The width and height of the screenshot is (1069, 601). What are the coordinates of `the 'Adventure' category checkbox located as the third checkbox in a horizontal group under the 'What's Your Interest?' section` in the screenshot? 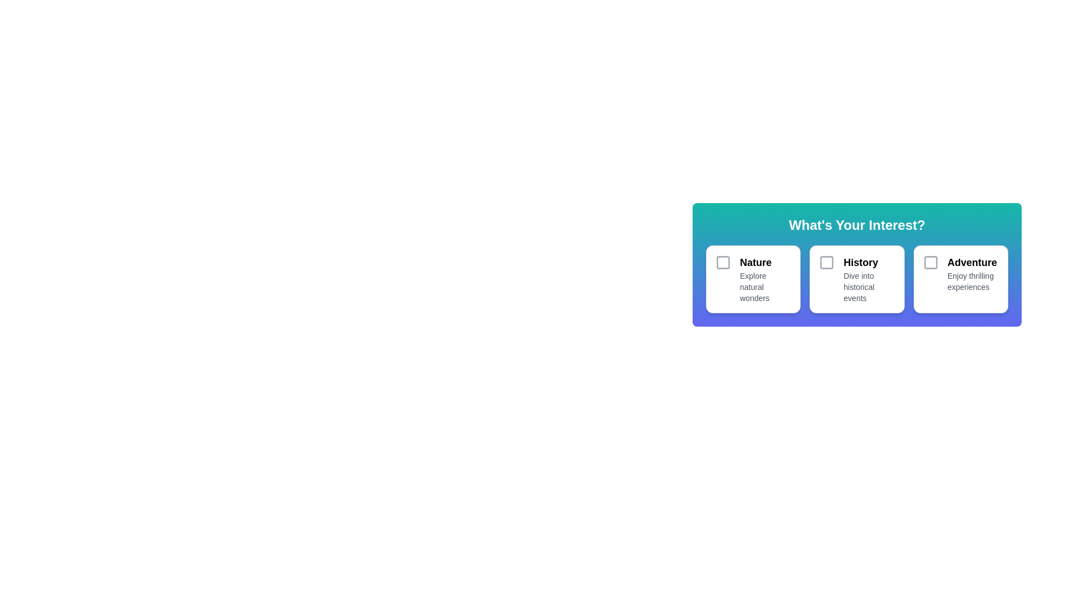 It's located at (930, 262).